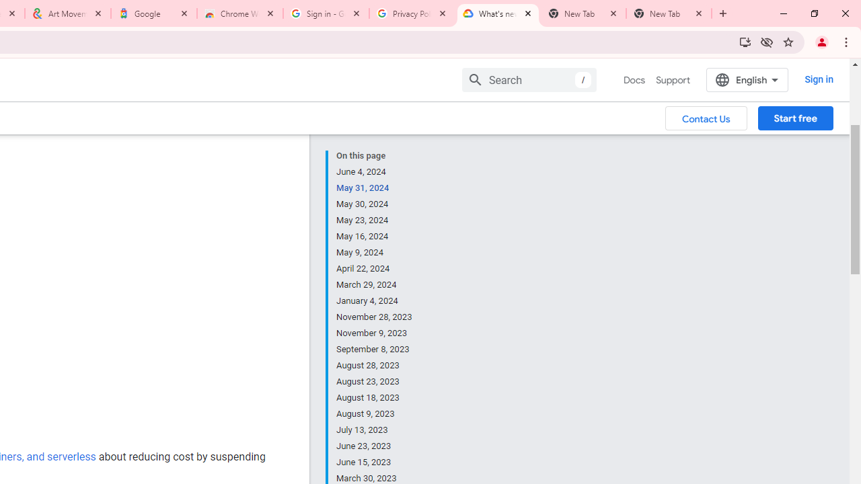 Image resolution: width=861 pixels, height=484 pixels. I want to click on 'Search', so click(528, 79).